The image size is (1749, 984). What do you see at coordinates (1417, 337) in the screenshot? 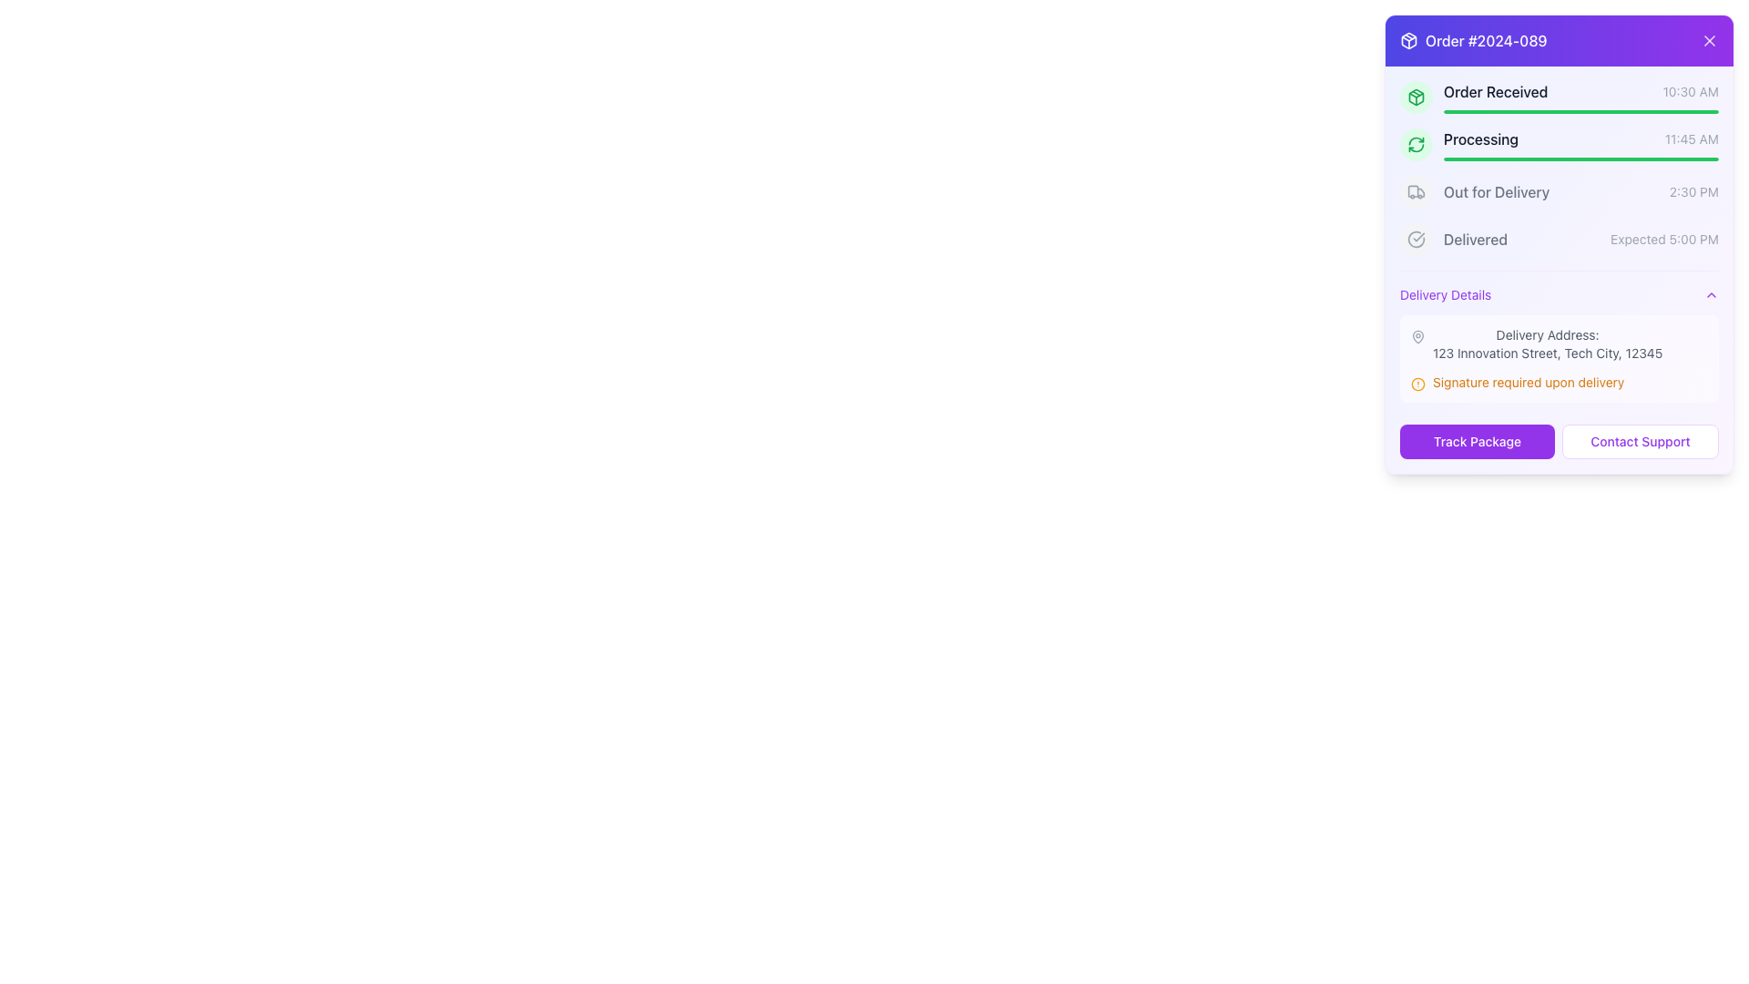
I see `the location-related graphic/icon in the 'Delivery Details' section, which is positioned to the left of the delivery address '123 Innovation Street, Tech City, 12345'` at bounding box center [1417, 337].